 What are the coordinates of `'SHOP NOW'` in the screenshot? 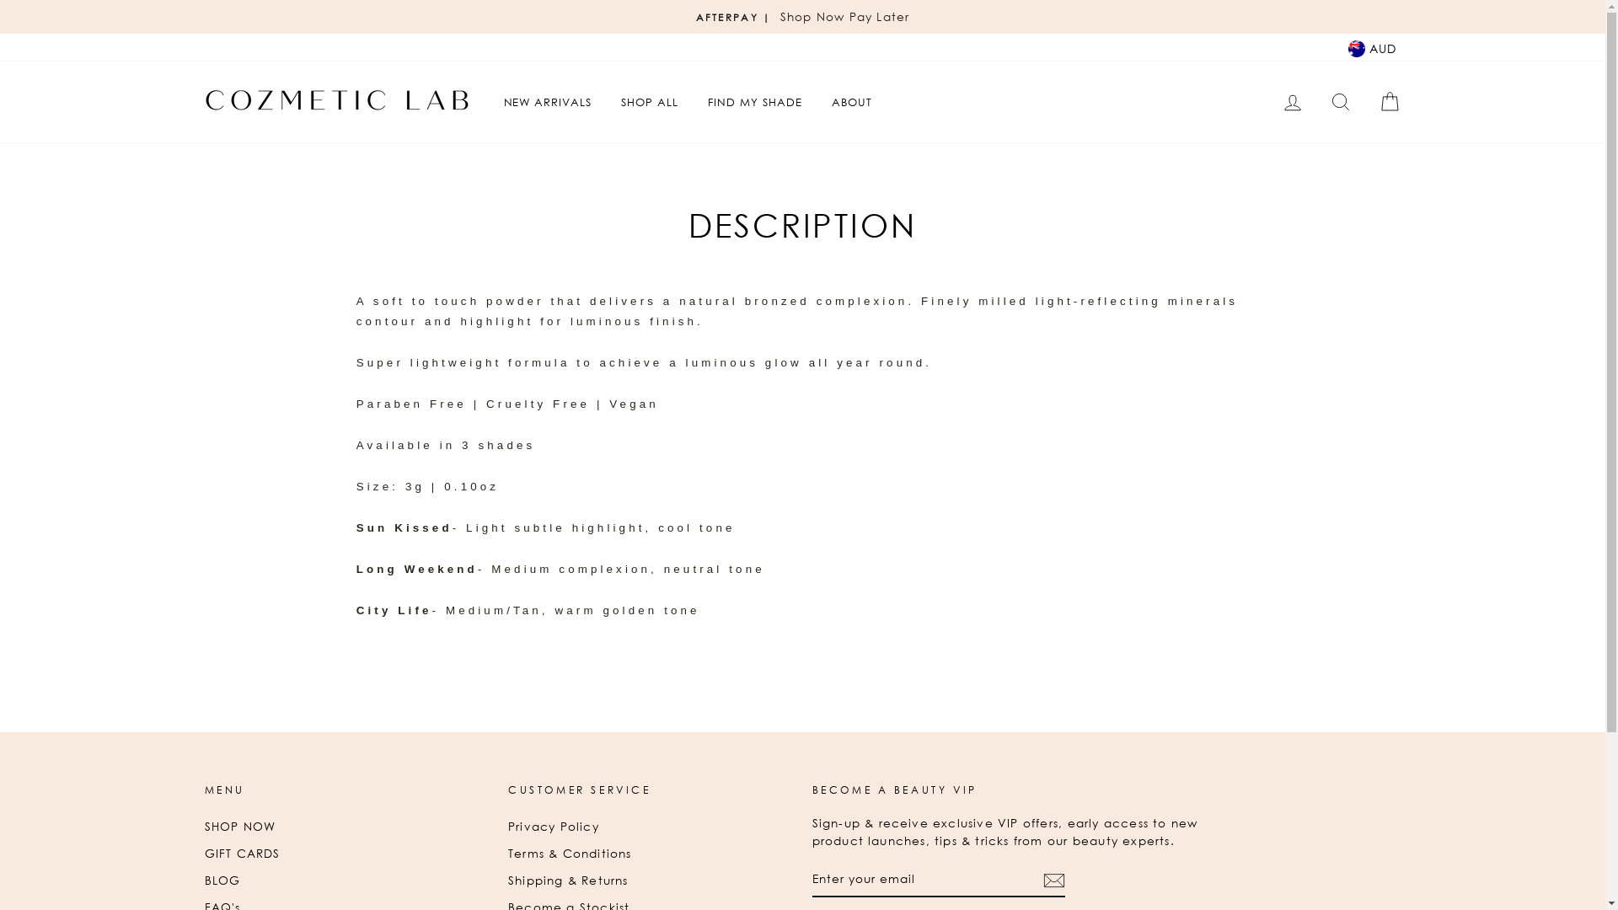 It's located at (238, 825).